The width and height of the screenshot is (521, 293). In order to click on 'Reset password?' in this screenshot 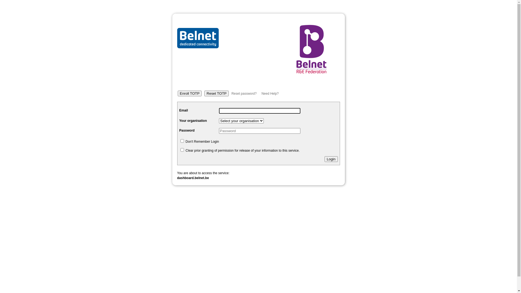, I will do `click(244, 93)`.